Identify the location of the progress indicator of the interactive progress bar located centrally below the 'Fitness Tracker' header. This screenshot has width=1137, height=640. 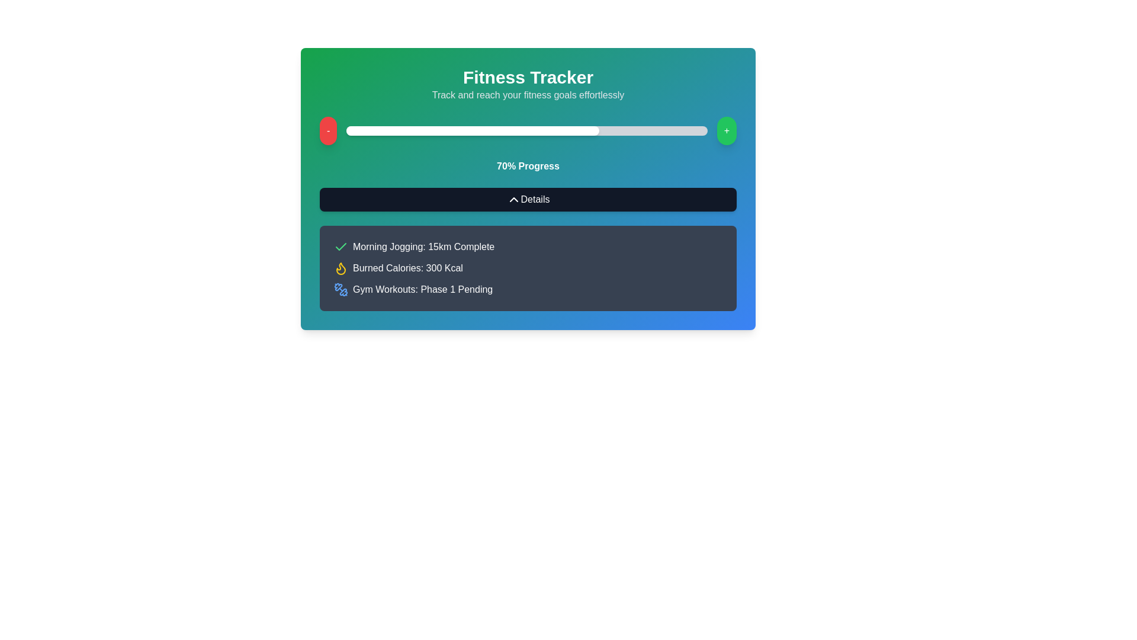
(528, 130).